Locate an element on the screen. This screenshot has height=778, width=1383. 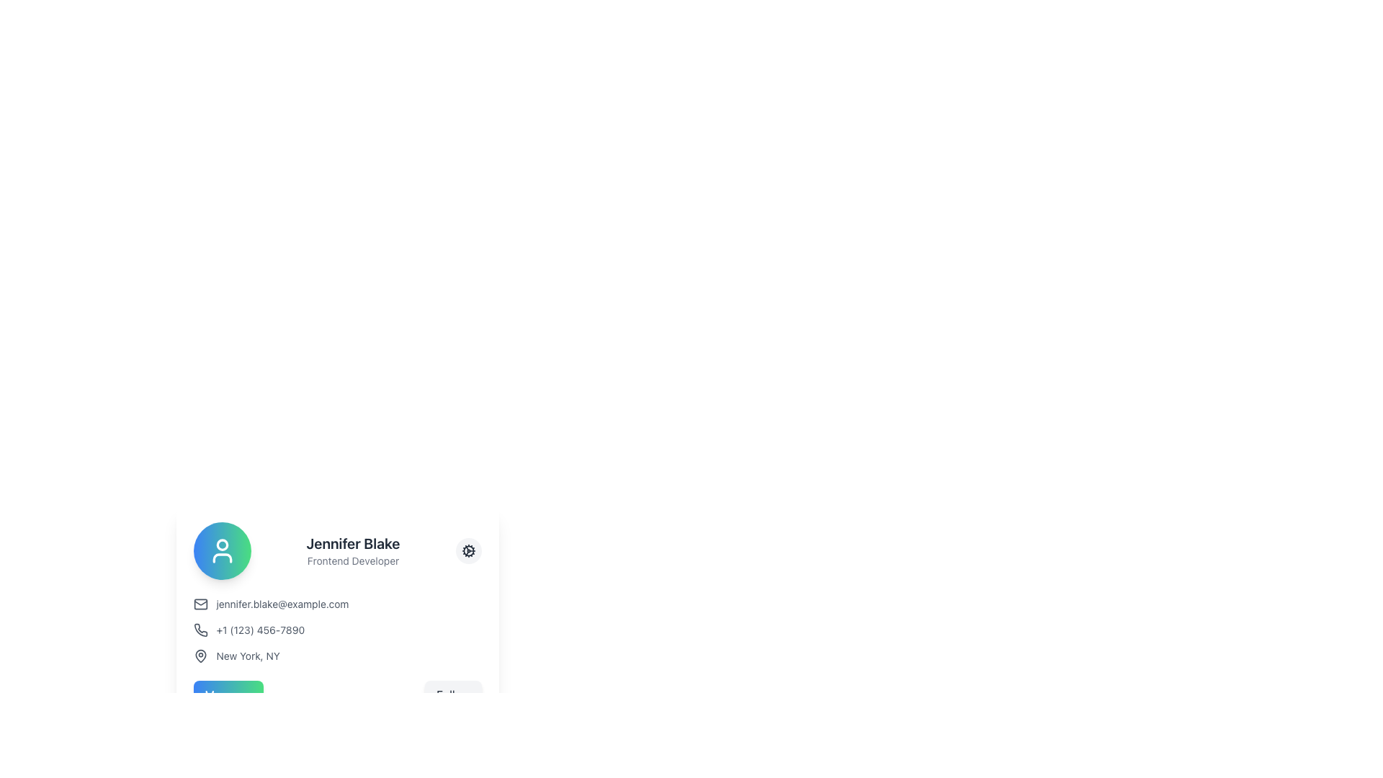
the Text block that displays the user name and job title, which is positioned between a circular icon on the left and a settings icon on the right is located at coordinates (353, 550).